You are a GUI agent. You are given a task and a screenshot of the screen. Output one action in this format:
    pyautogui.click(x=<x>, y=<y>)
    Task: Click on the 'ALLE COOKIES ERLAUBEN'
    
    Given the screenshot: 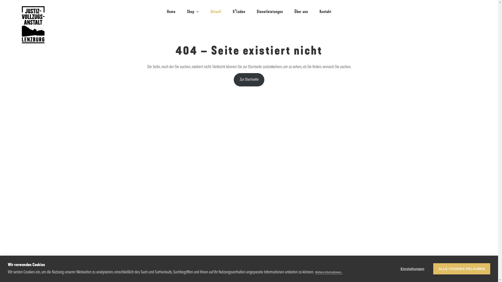 What is the action you would take?
    pyautogui.click(x=462, y=269)
    